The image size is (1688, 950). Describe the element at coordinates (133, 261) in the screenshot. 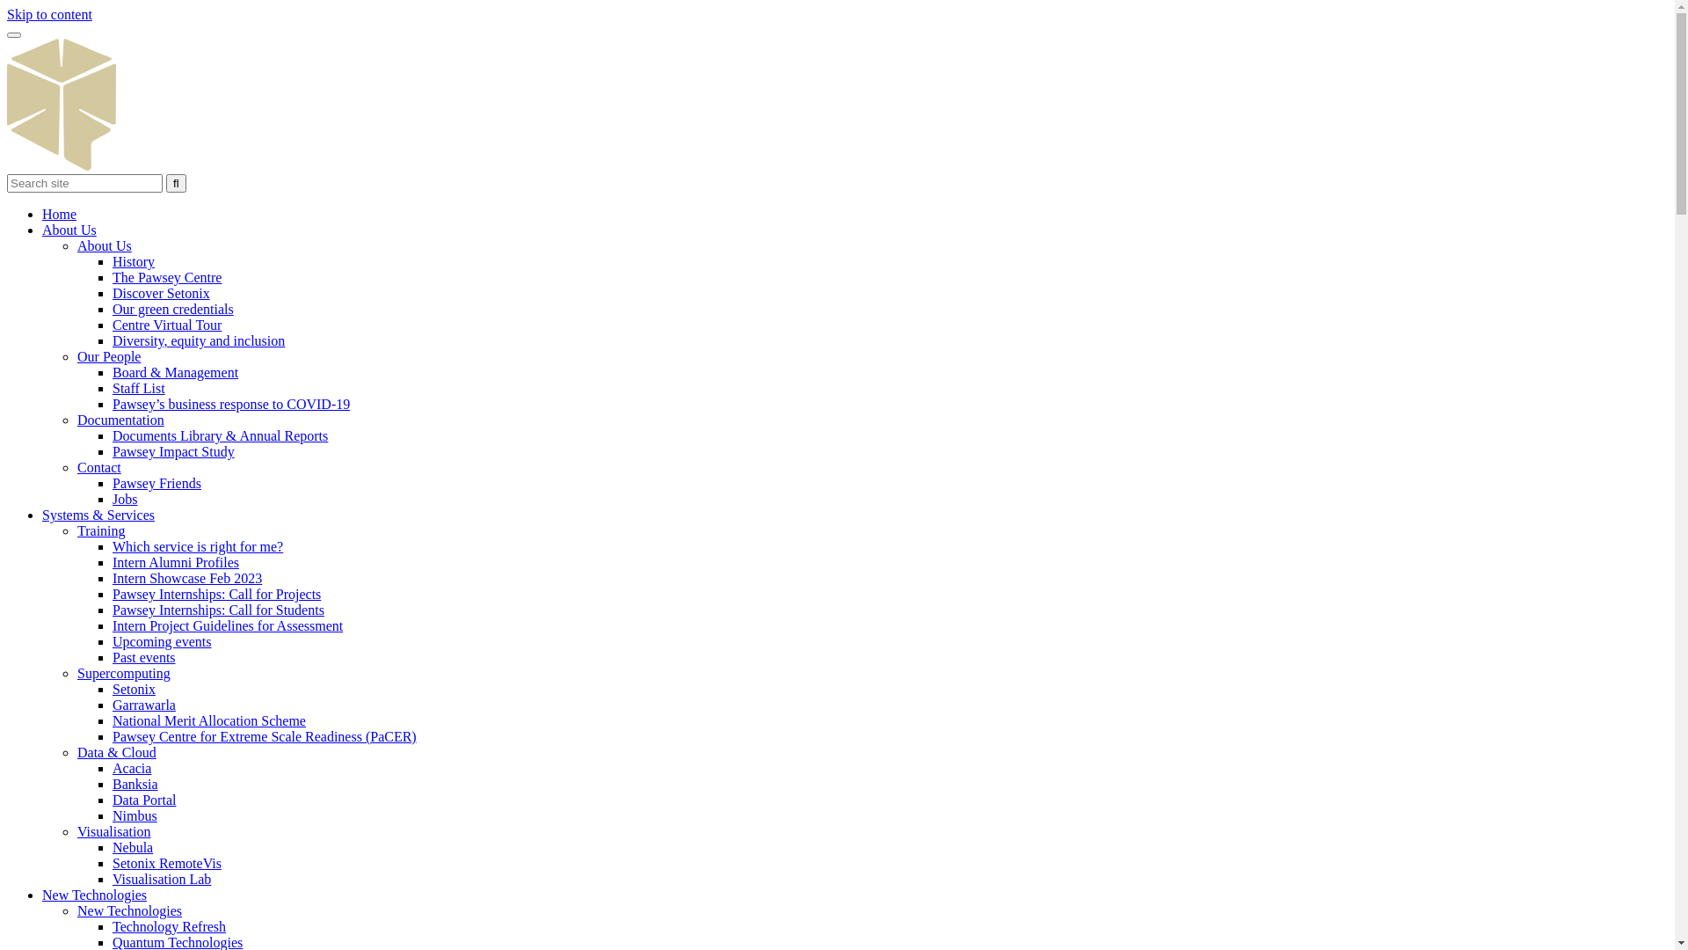

I see `'History'` at that location.